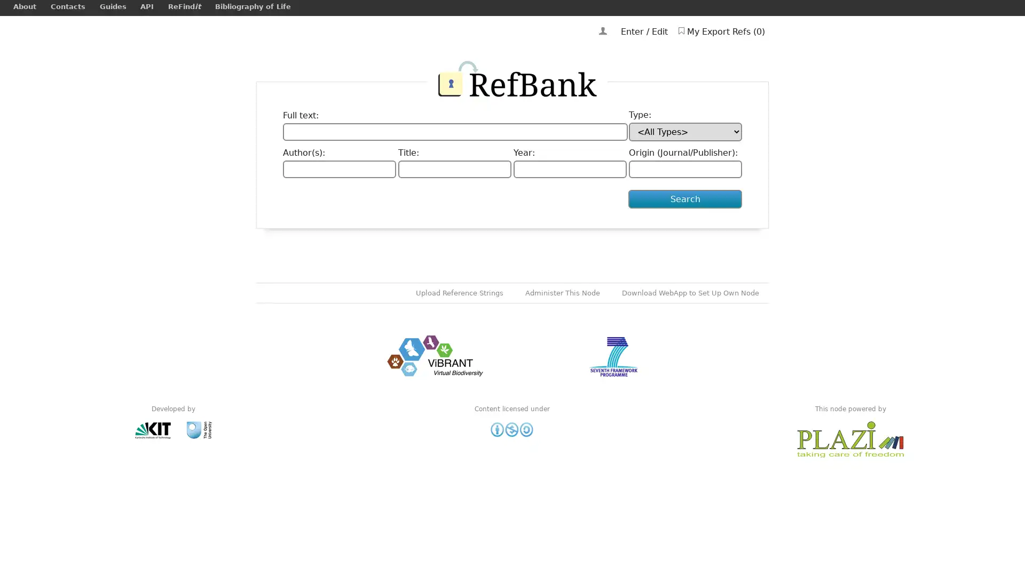 This screenshot has width=1025, height=576. Describe the element at coordinates (685, 199) in the screenshot. I see `Search` at that location.